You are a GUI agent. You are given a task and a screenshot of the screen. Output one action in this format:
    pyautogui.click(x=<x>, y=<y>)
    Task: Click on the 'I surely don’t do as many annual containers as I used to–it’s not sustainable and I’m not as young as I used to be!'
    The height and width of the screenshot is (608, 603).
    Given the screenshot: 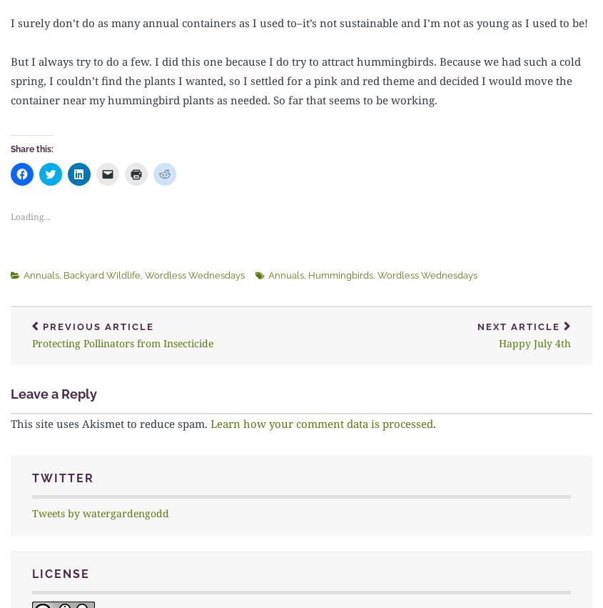 What is the action you would take?
    pyautogui.click(x=298, y=21)
    